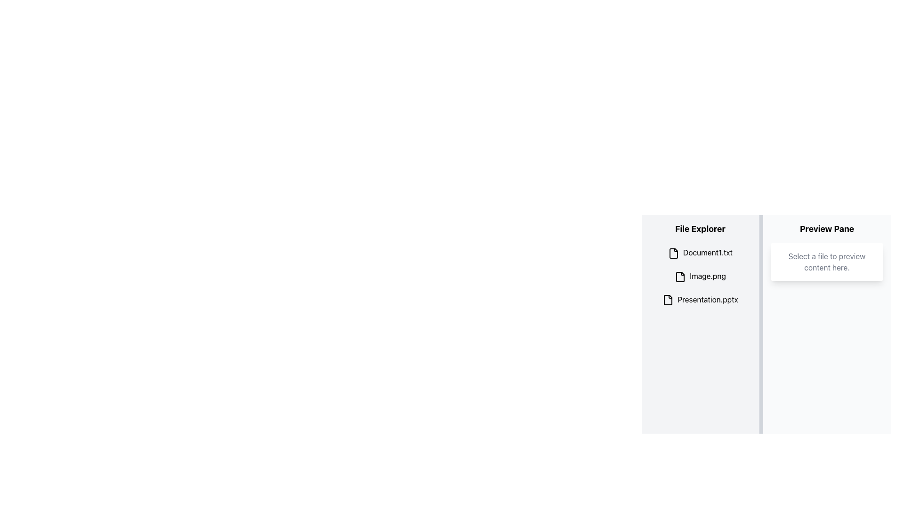 Image resolution: width=904 pixels, height=508 pixels. I want to click on the bold, large-sized text labeled 'File Explorer' located at the top of the column containing a list of files, so click(700, 229).